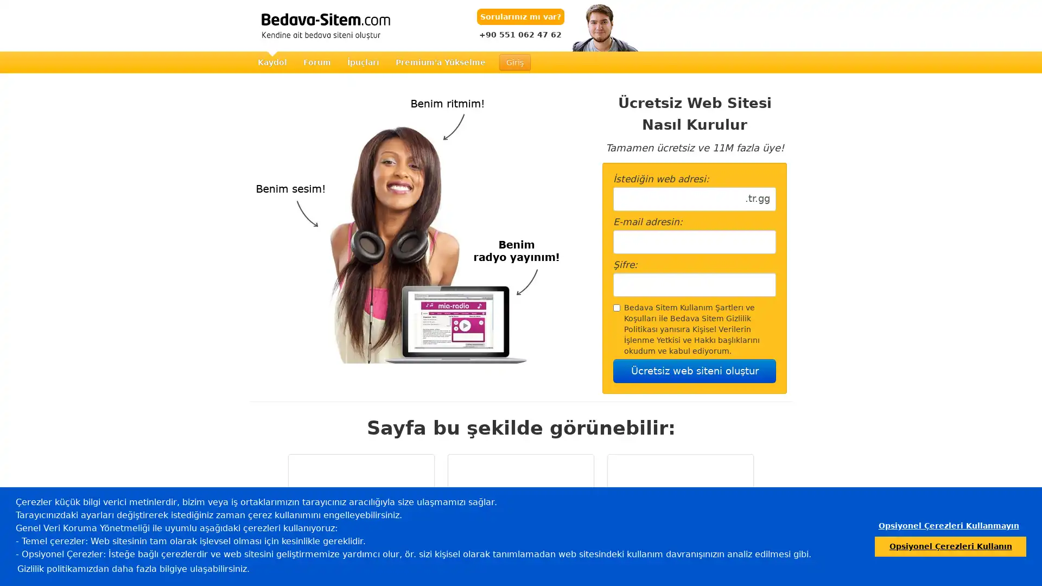 The width and height of the screenshot is (1042, 586). I want to click on Ucretsiz web siteni olustur, so click(695, 370).